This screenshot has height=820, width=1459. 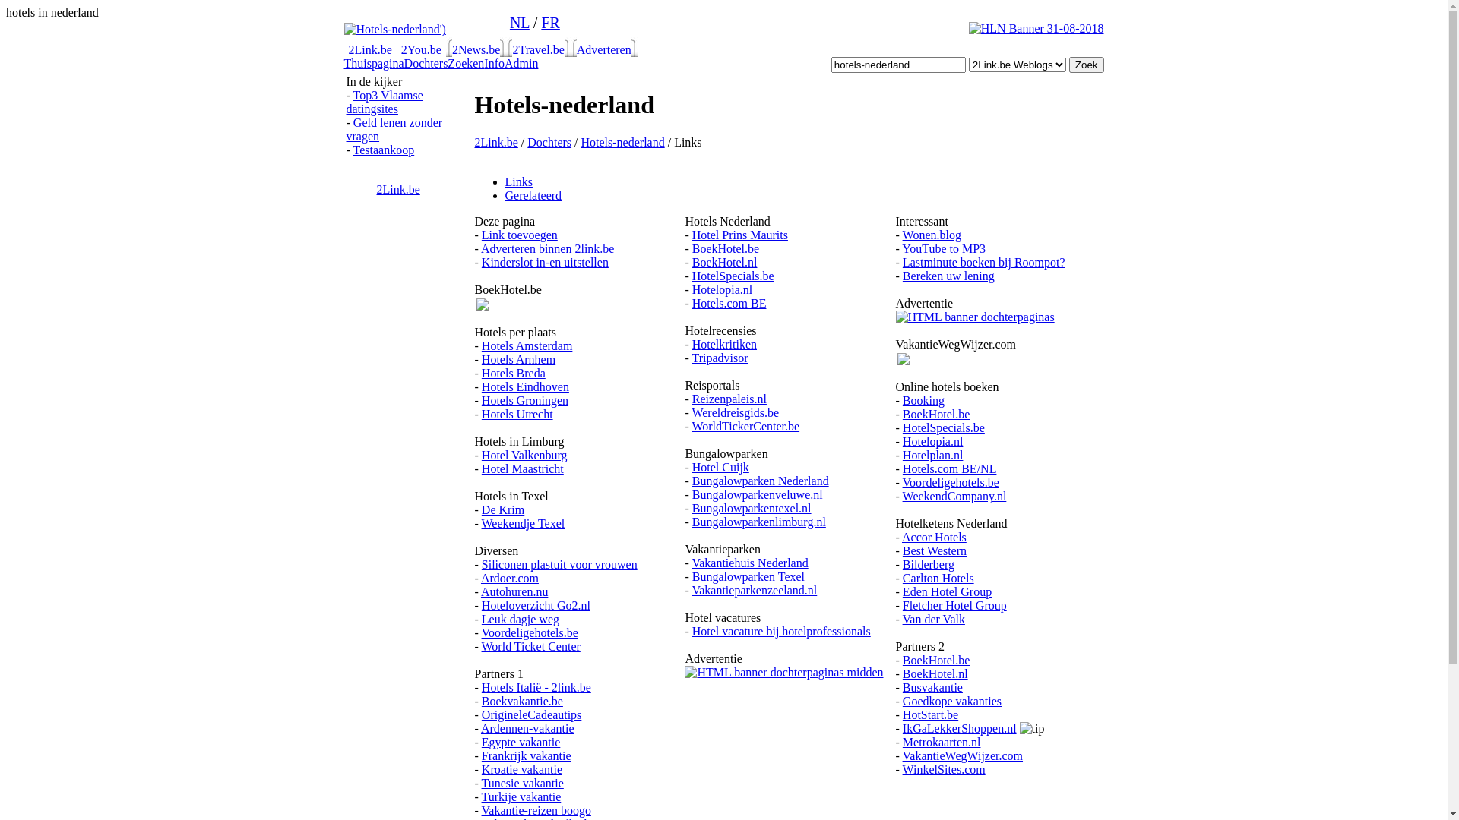 What do you see at coordinates (369, 49) in the screenshot?
I see `'2Link.be'` at bounding box center [369, 49].